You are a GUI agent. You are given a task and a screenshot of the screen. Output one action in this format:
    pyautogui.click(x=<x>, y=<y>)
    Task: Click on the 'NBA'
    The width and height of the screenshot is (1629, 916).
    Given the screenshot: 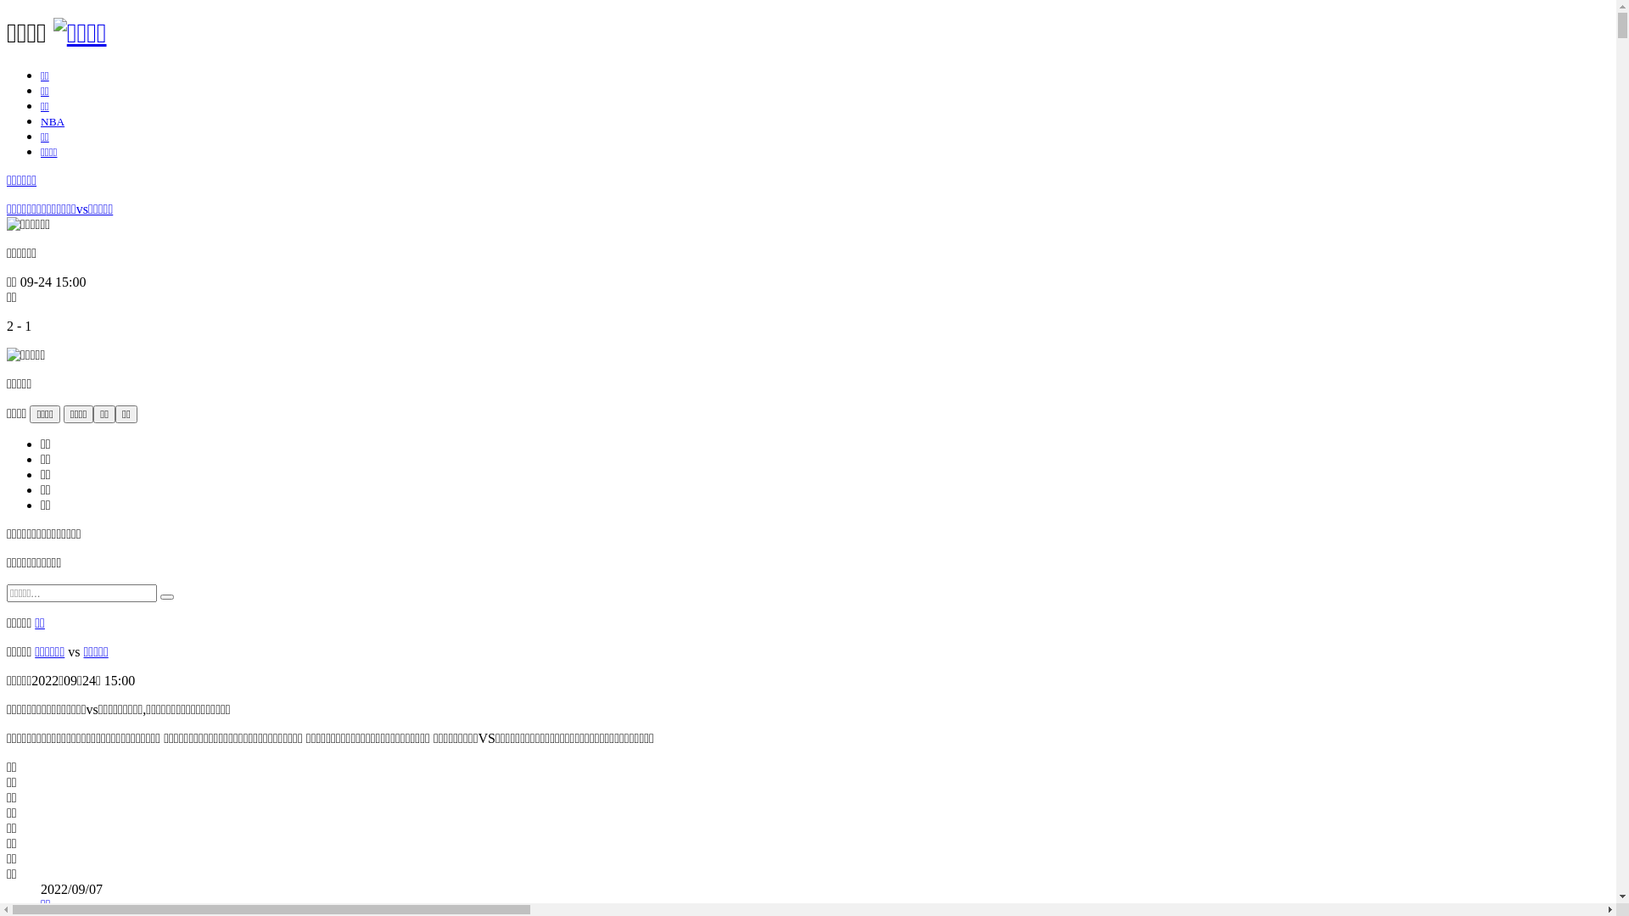 What is the action you would take?
    pyautogui.click(x=53, y=120)
    